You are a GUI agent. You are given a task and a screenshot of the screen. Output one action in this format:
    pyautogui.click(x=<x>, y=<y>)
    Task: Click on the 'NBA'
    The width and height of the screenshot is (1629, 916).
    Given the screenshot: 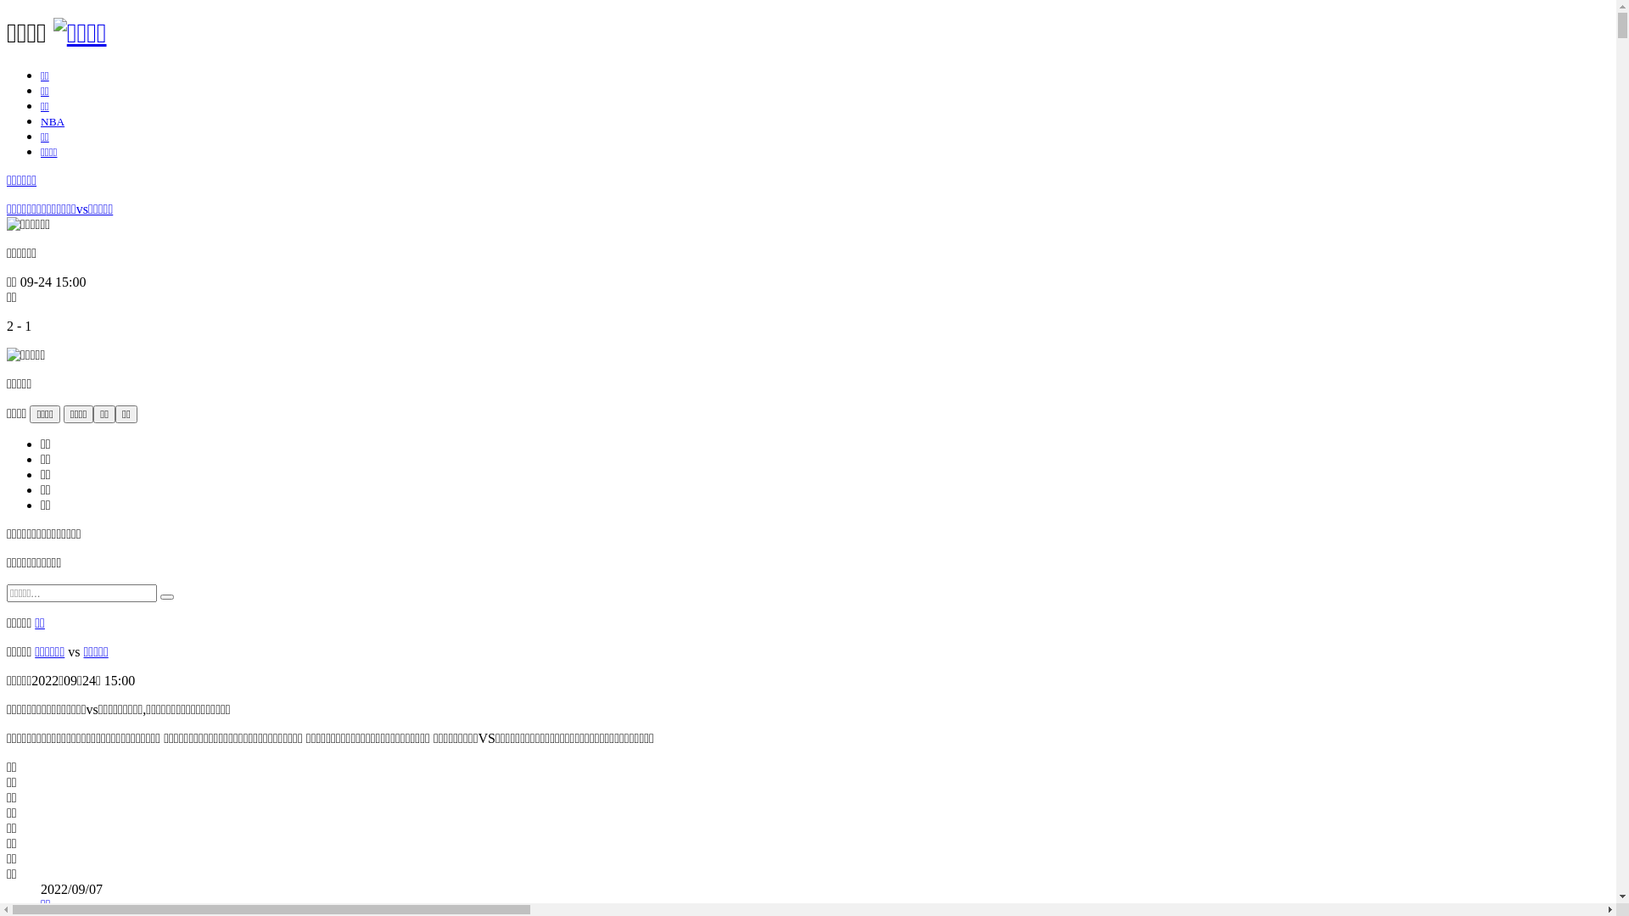 What is the action you would take?
    pyautogui.click(x=53, y=120)
    